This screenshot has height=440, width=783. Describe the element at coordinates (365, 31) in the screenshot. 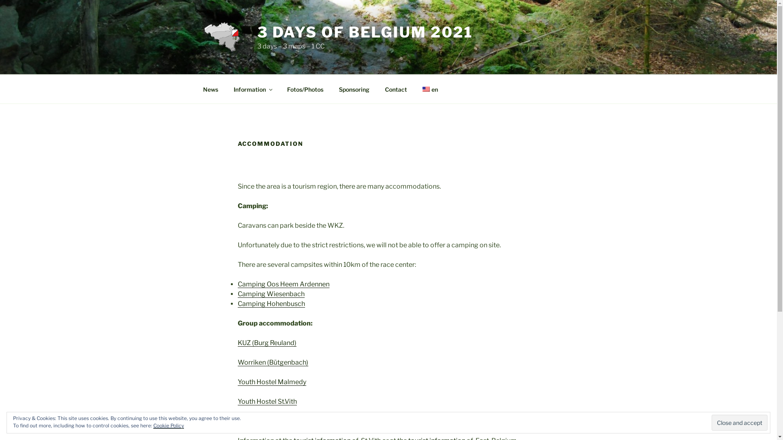

I see `'3 DAYS OF BELGIUM 2021'` at that location.